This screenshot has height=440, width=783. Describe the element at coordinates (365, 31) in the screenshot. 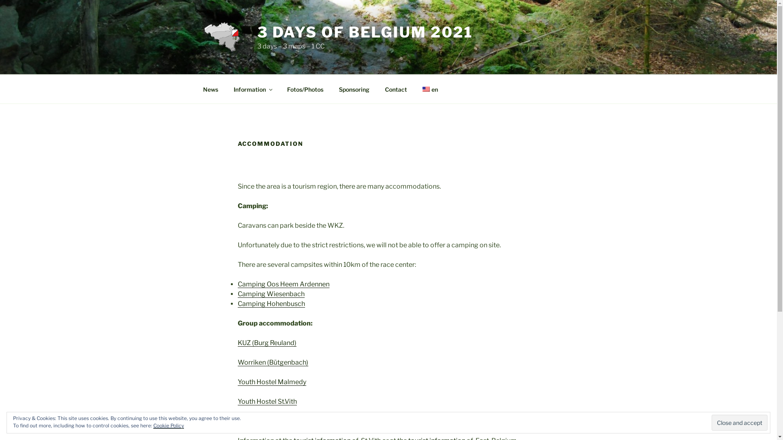

I see `'3 DAYS OF BELGIUM 2021'` at that location.